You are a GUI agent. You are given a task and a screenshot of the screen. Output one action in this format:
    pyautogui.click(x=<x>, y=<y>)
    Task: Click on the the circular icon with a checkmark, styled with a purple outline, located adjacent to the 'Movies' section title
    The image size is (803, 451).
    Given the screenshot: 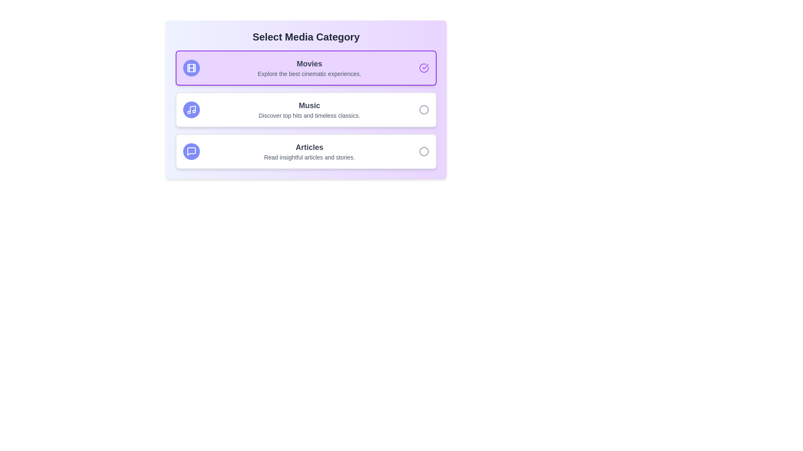 What is the action you would take?
    pyautogui.click(x=424, y=67)
    